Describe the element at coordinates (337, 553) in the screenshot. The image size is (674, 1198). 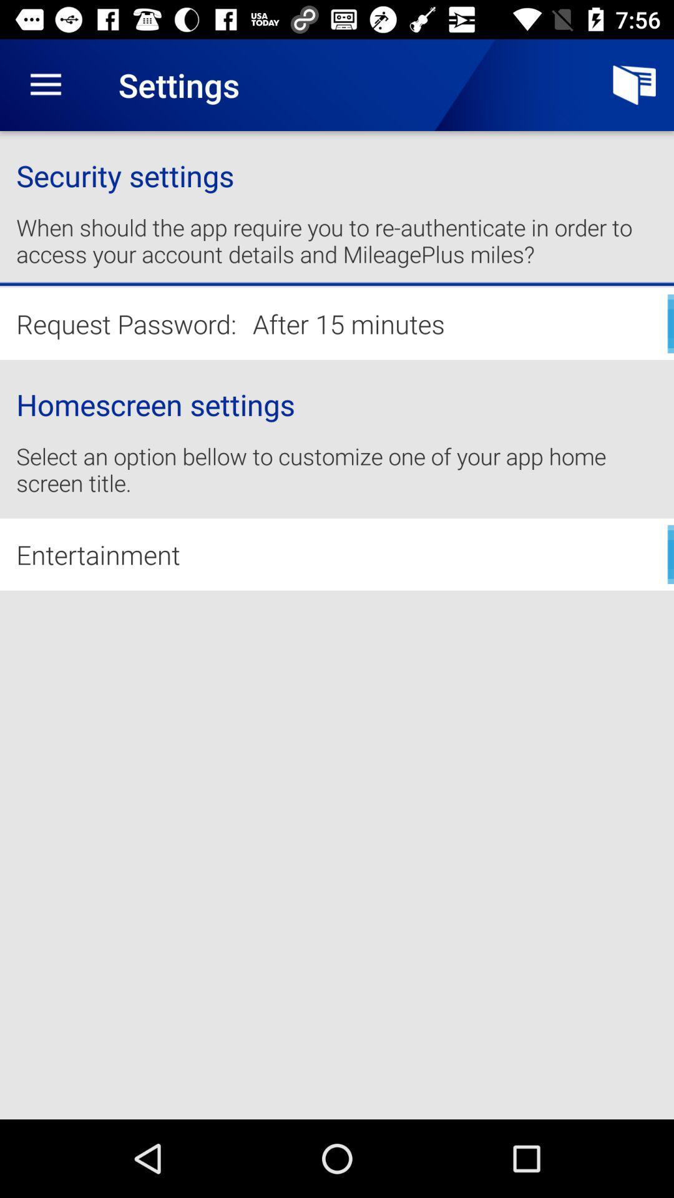
I see `the icon below the select an option item` at that location.